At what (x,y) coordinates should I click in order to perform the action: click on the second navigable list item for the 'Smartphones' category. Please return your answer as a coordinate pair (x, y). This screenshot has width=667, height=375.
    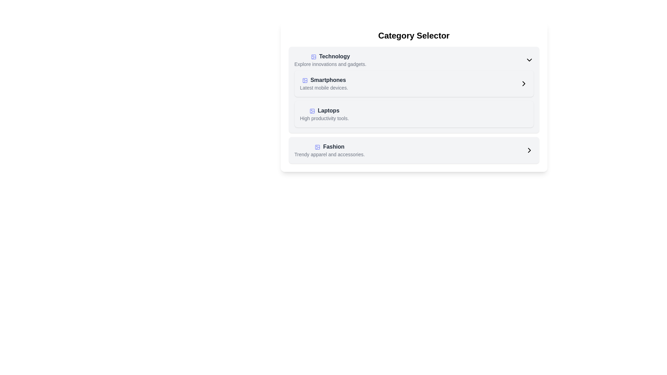
    Looking at the image, I should click on (414, 83).